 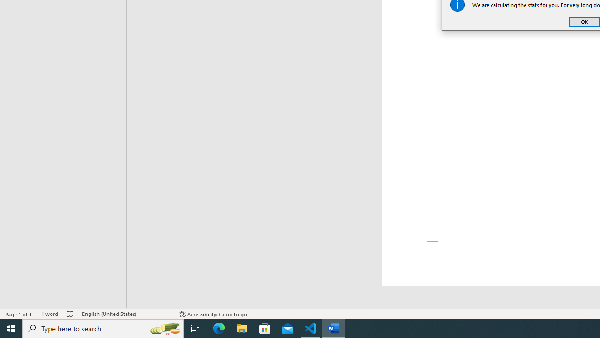 What do you see at coordinates (334, 328) in the screenshot?
I see `'Word - 1 running window'` at bounding box center [334, 328].